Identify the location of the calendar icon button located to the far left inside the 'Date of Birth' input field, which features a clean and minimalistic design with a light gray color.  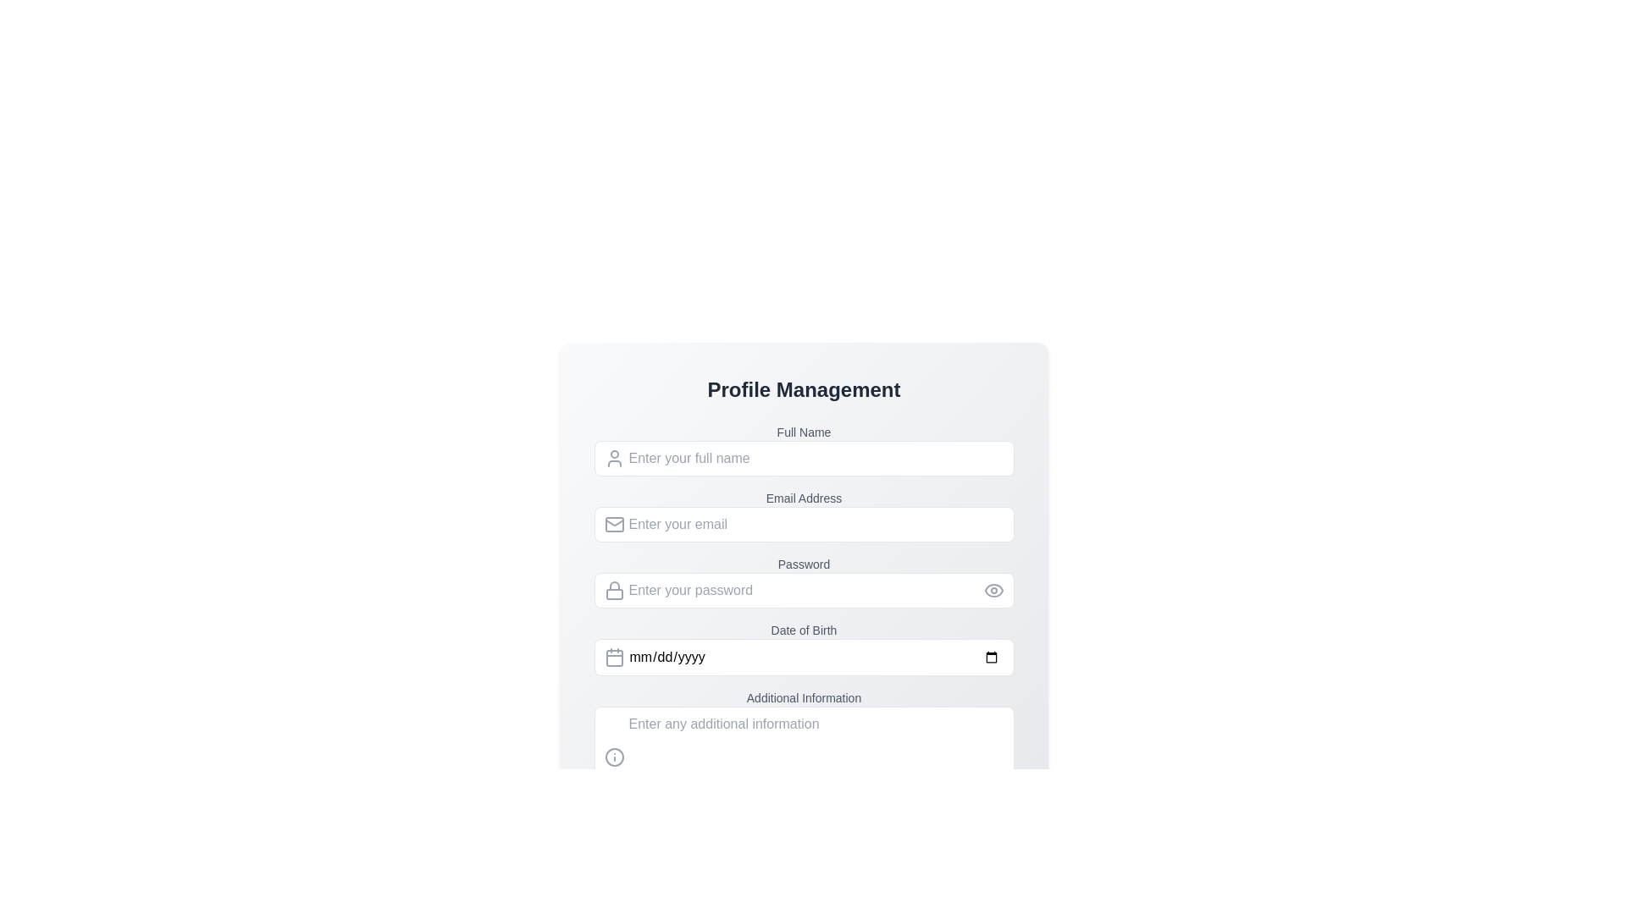
(613, 656).